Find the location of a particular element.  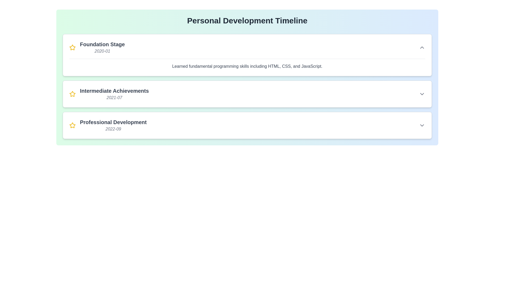

the timestamp or date display text label located below the 'Intermediate Achievements' title is located at coordinates (114, 98).